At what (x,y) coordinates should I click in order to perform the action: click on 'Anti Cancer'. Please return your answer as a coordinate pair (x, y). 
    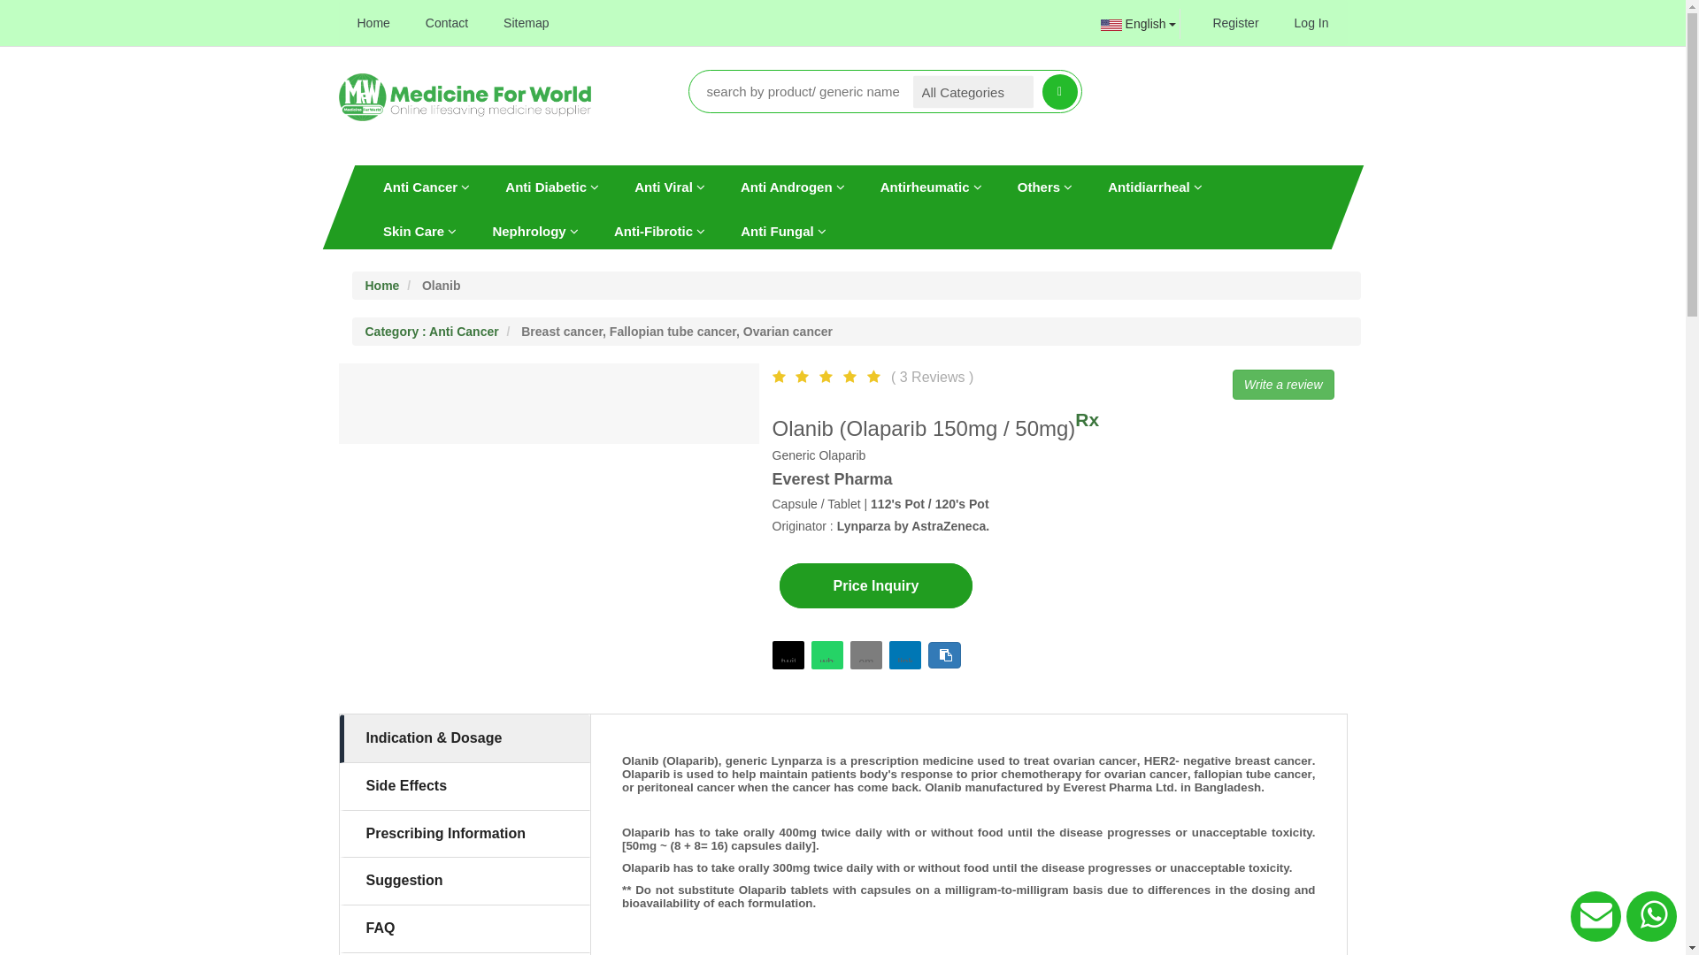
    Looking at the image, I should click on (425, 187).